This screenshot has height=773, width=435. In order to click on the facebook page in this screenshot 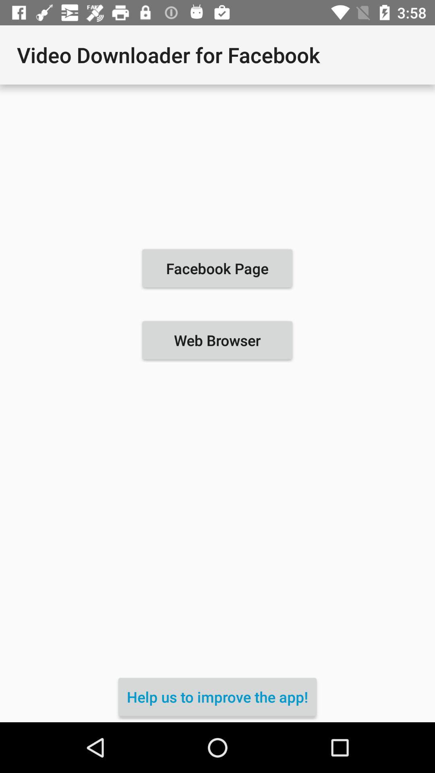, I will do `click(217, 268)`.